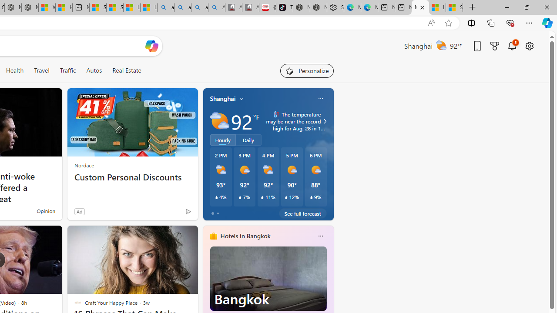 The image size is (557, 313). I want to click on 'Personalize your feed"', so click(307, 70).